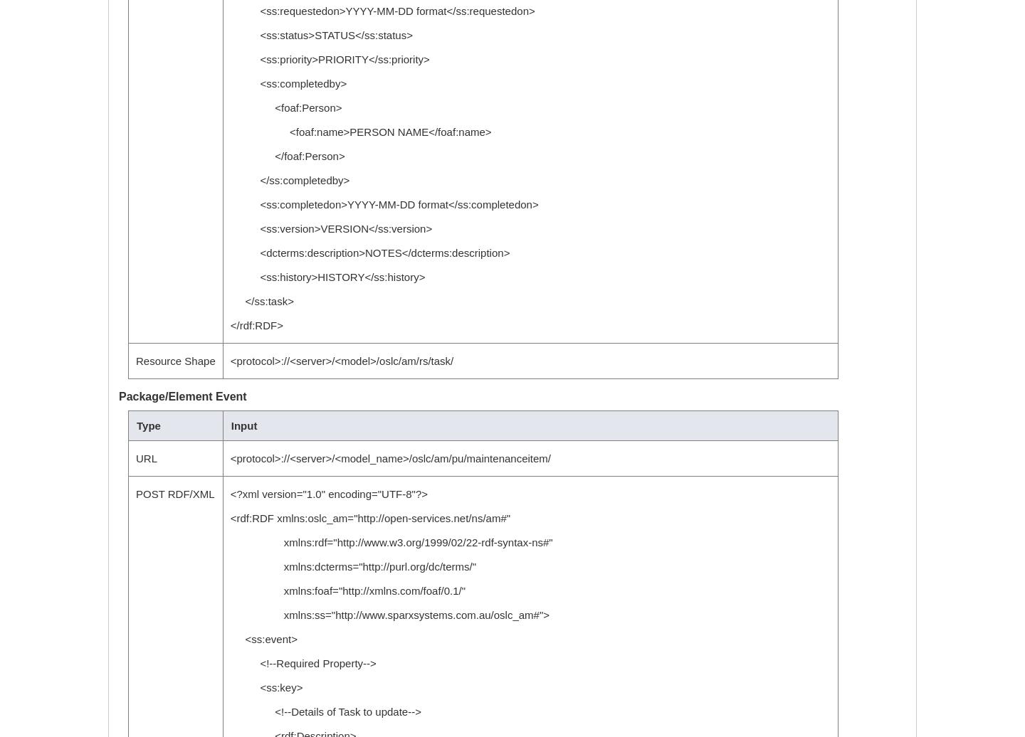  What do you see at coordinates (381, 11) in the screenshot?
I see `'<ss:requestedon>YYYY-MM-DD format</ss:requestedon>'` at bounding box center [381, 11].